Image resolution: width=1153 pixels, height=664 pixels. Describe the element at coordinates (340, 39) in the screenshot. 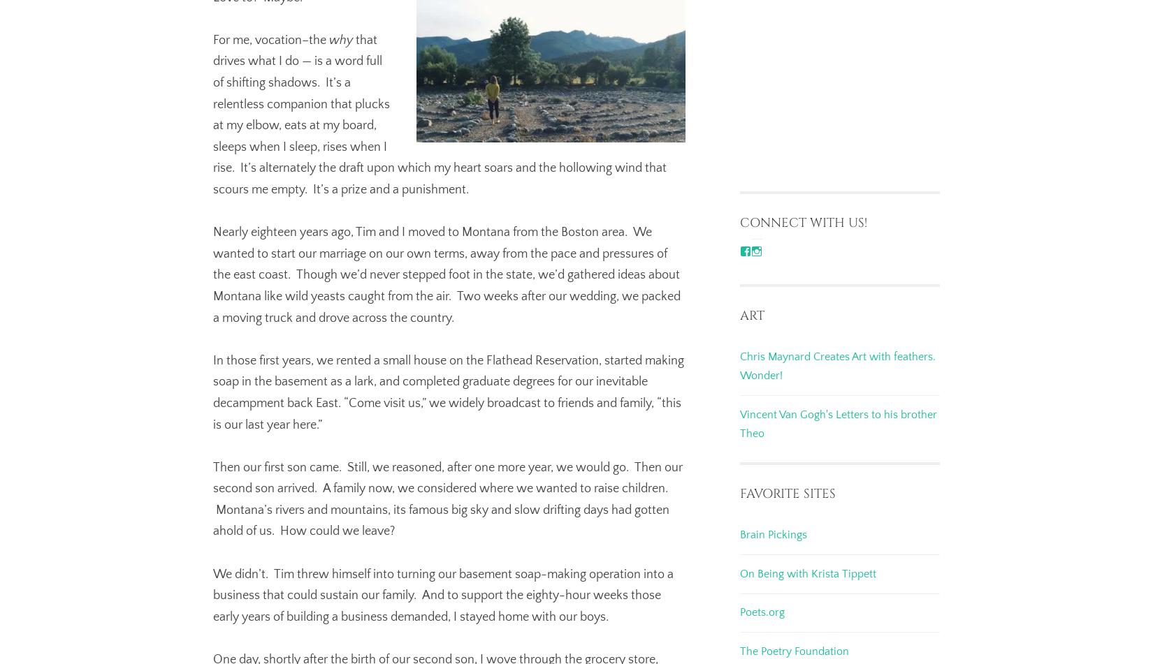

I see `'why'` at that location.